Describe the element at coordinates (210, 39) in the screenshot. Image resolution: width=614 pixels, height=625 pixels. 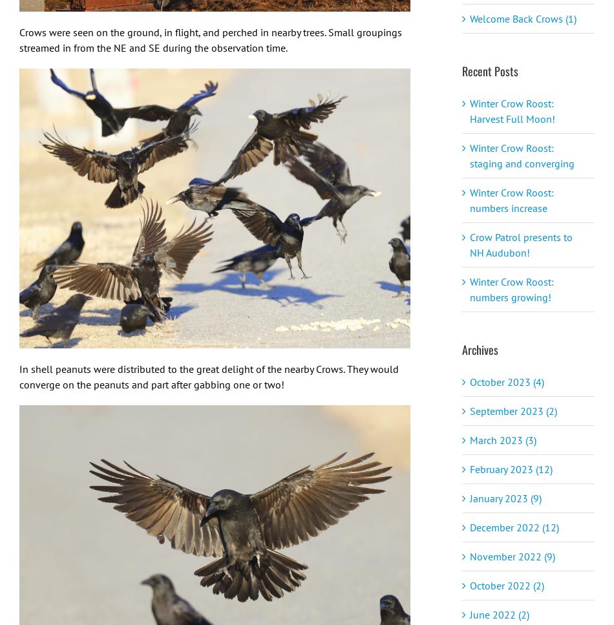
I see `'Crows were seen on the ground, in flight, and perched in nearby trees. Small groupings streamed in from the NE and SE during the observation time.'` at that location.